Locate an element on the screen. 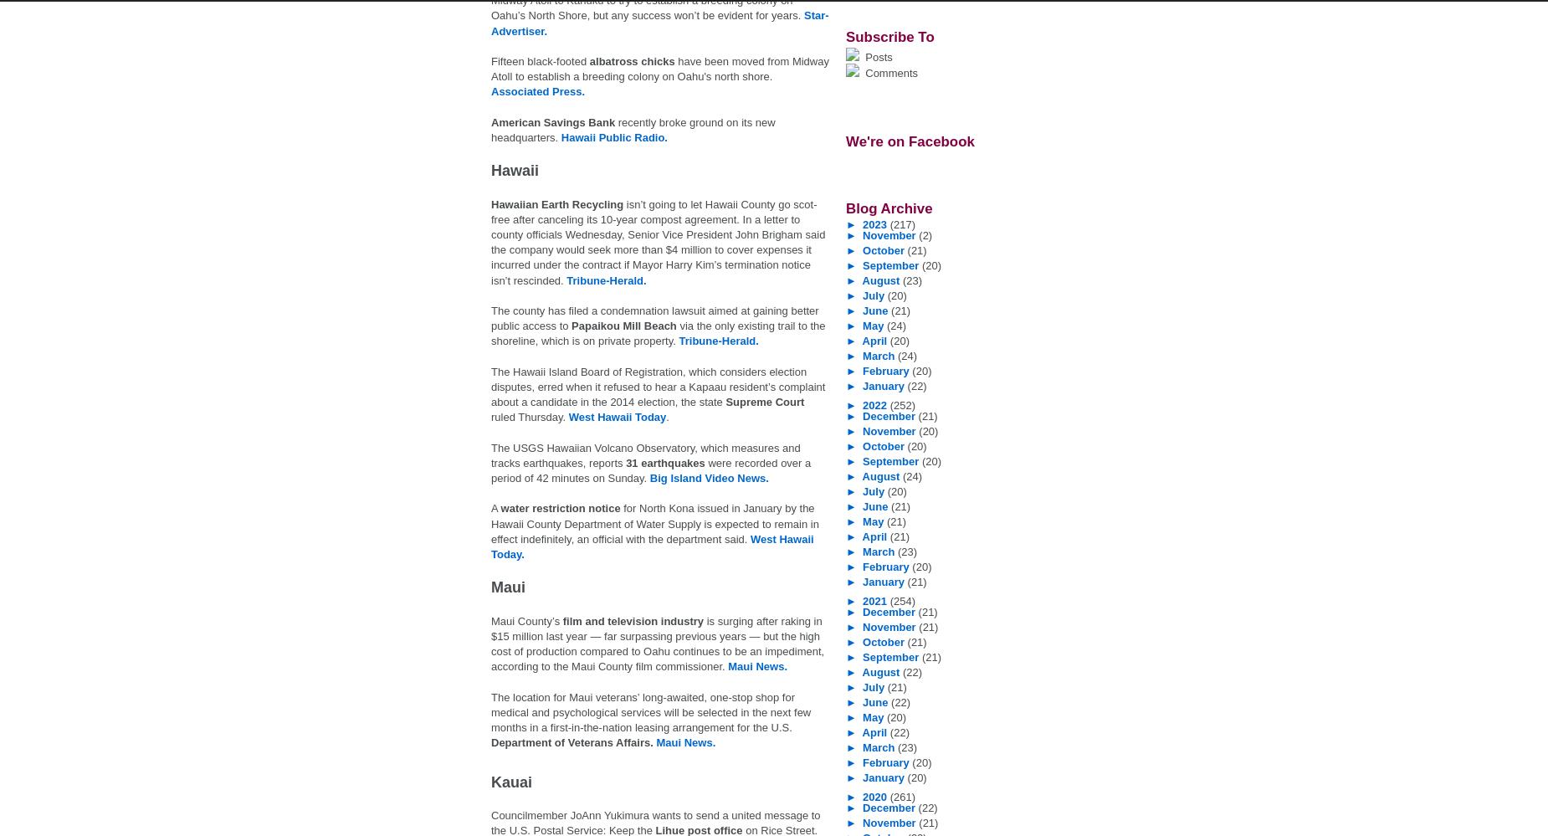 This screenshot has height=836, width=1548. 'Papaikou Mill Beach' is located at coordinates (623, 325).